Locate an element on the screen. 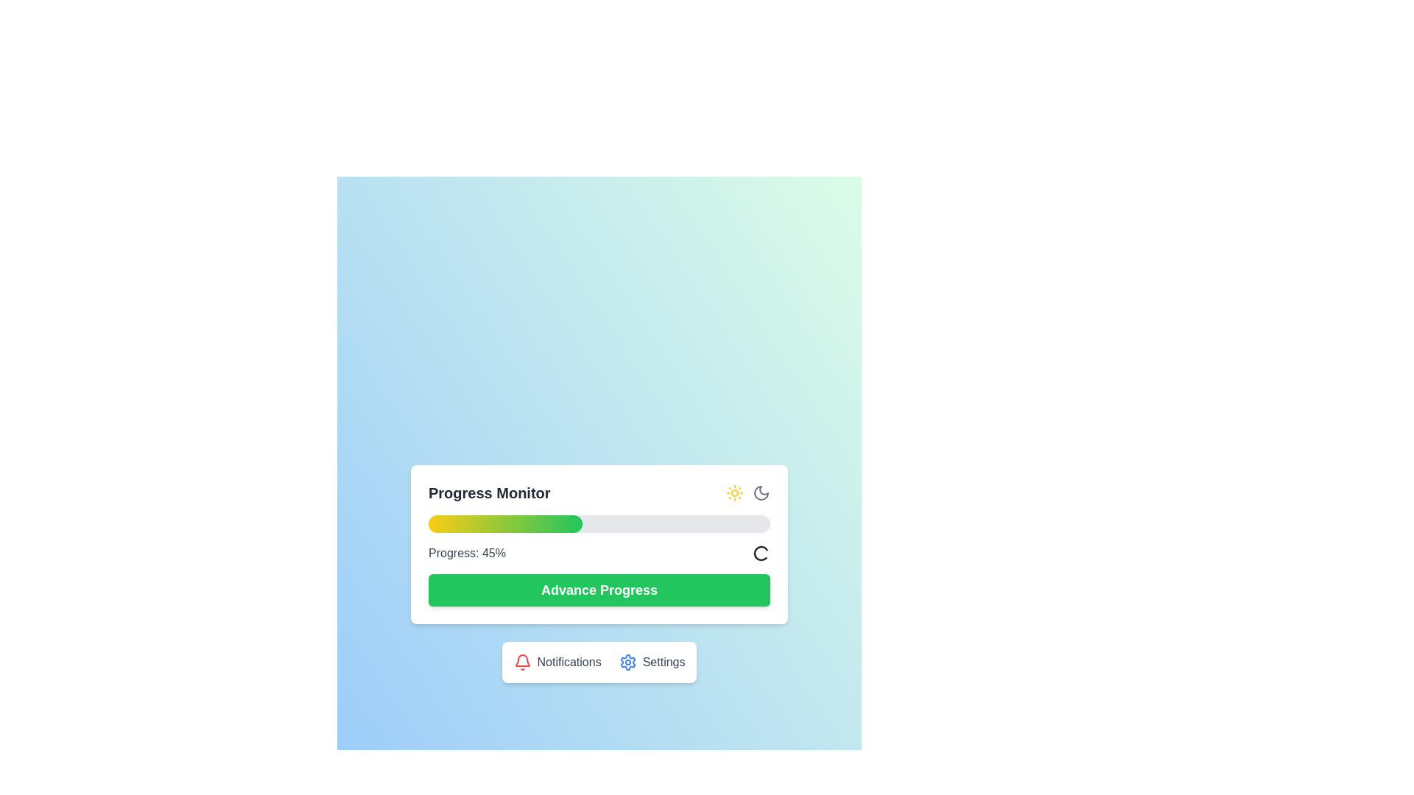 This screenshot has height=795, width=1414. the sun icon, which is a yellow graphic representing daylight is located at coordinates (735, 493).